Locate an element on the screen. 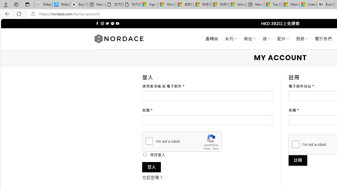 This screenshot has width=337, height=190. 'Terms' is located at coordinates (215, 149).